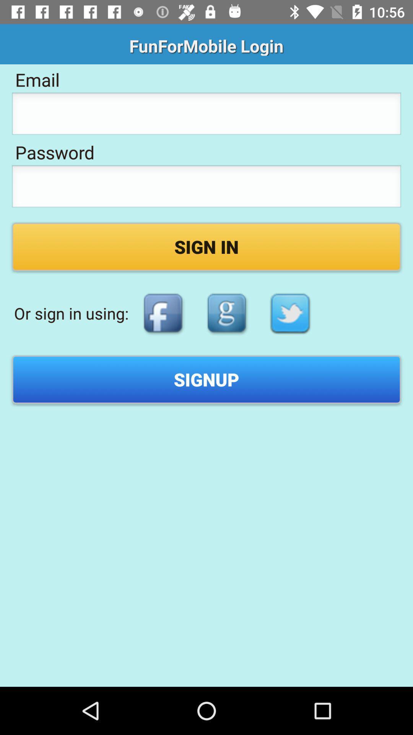 Image resolution: width=413 pixels, height=735 pixels. I want to click on type password, so click(206, 188).